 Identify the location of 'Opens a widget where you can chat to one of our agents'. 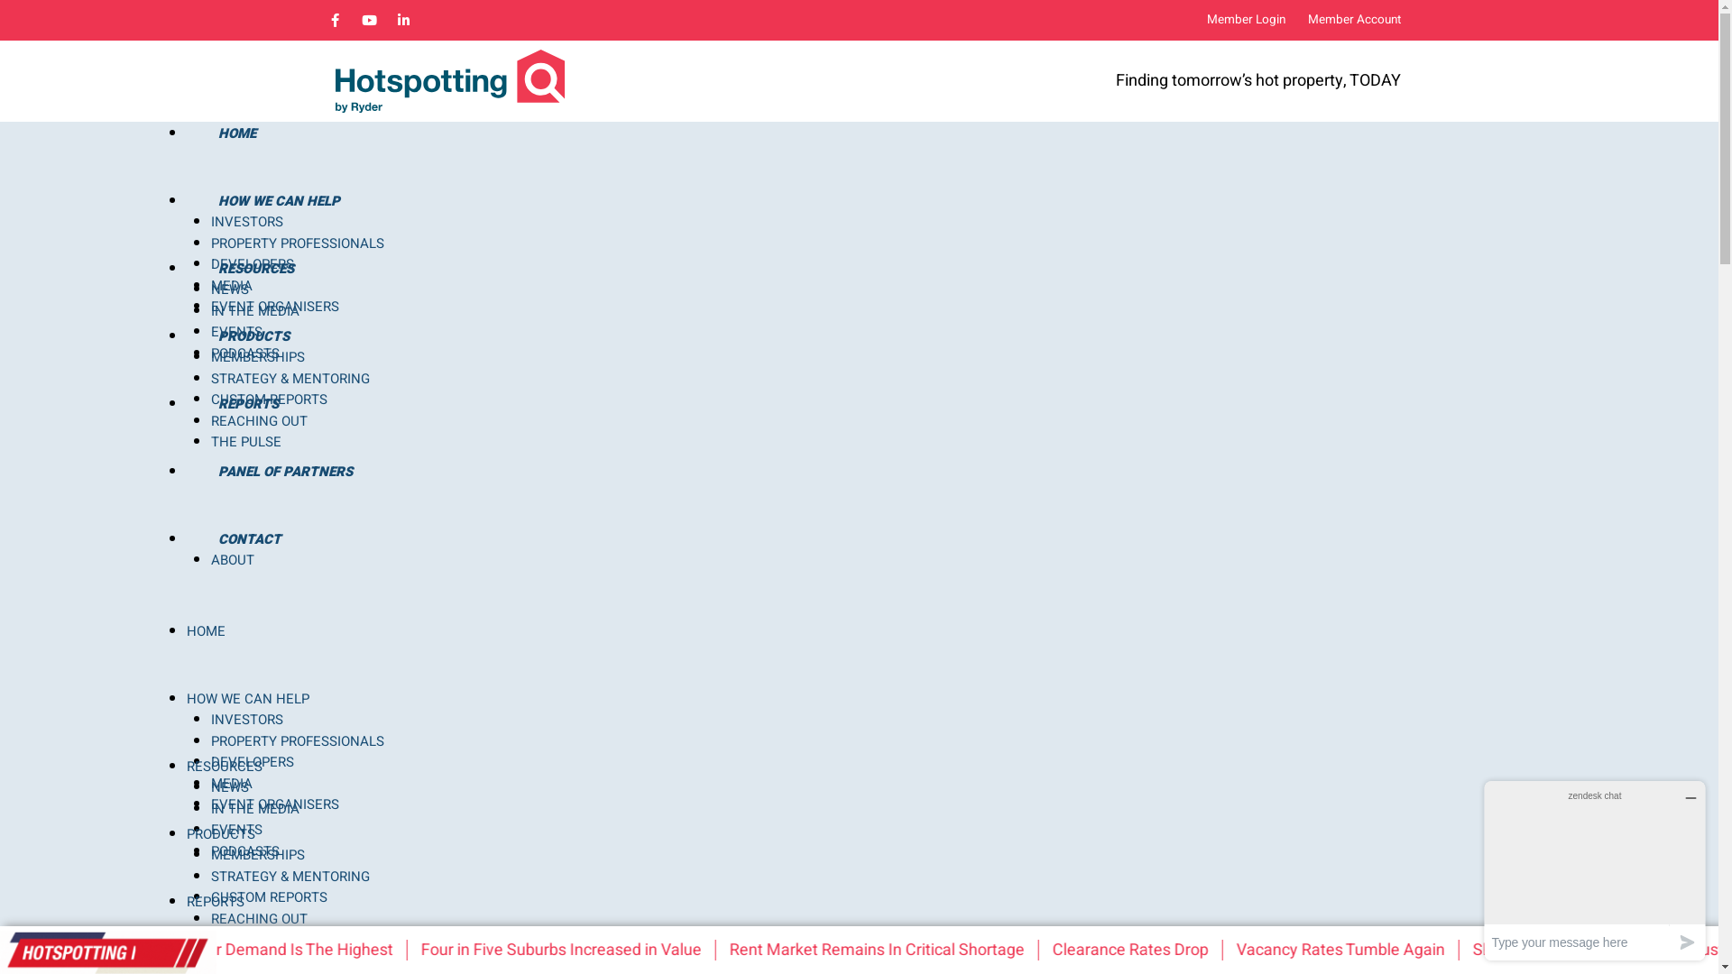
(1477, 869).